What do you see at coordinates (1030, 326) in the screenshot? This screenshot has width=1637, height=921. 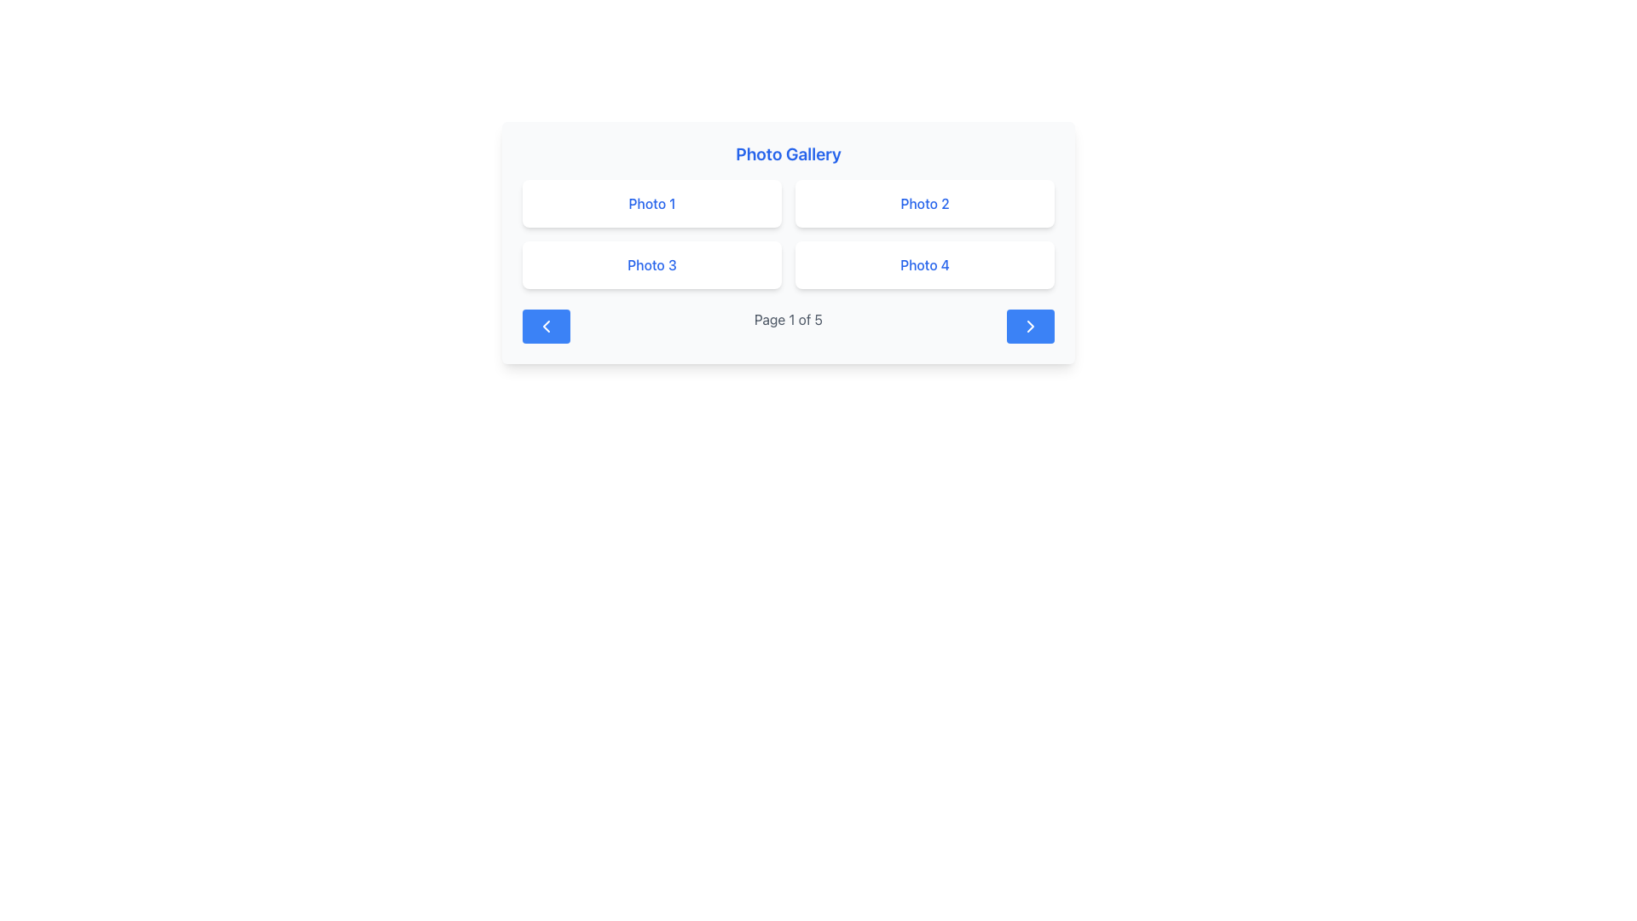 I see `the navigation icon located inside the right-aligned blue button of the pagination control bar, which facilitates navigation to the next page` at bounding box center [1030, 326].